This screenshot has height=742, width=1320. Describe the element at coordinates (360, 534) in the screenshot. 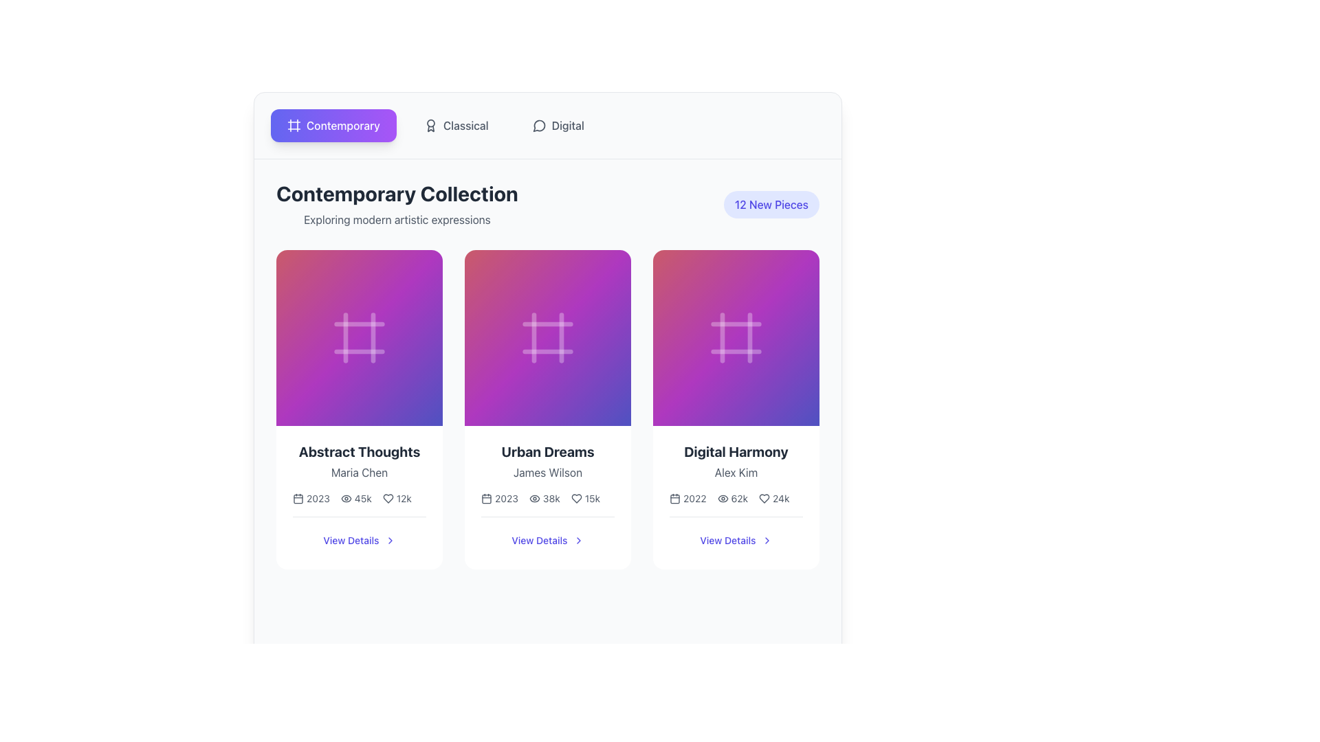

I see `the 'View Details' button, which is labeled in indigo text and features a rightward-facing chevron icon` at that location.